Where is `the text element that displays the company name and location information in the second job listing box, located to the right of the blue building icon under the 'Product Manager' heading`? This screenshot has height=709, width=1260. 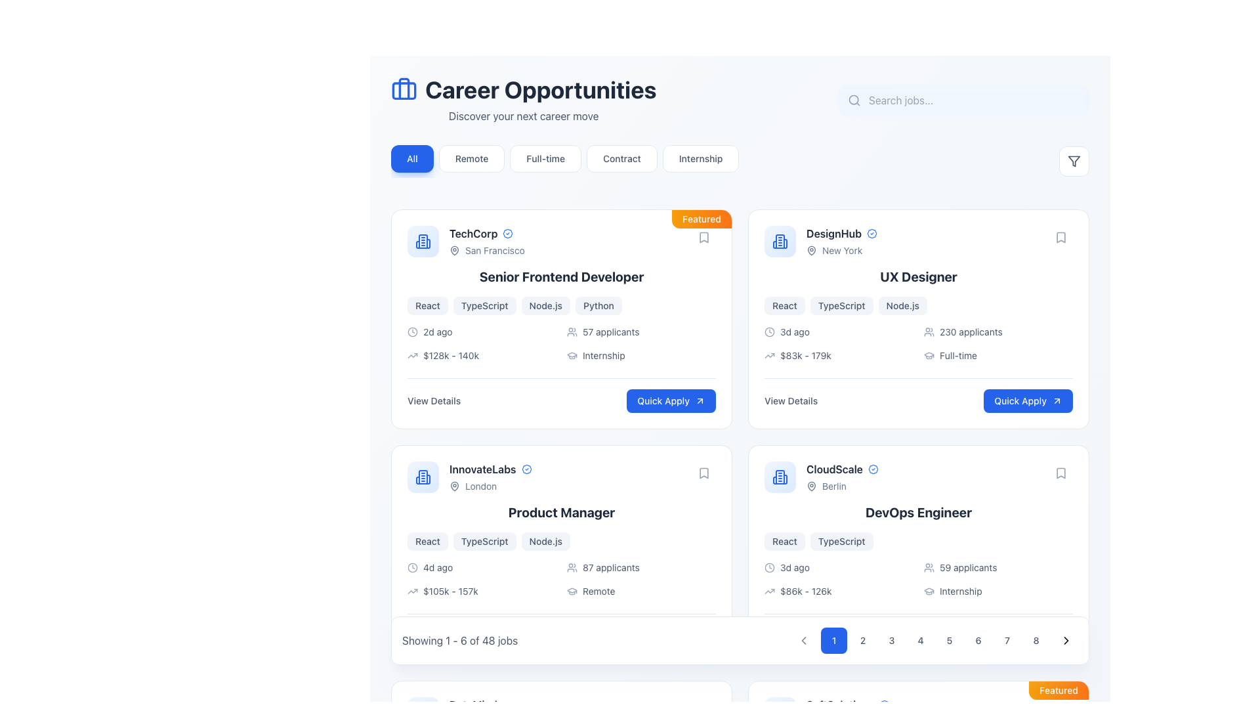
the text element that displays the company name and location information in the second job listing box, located to the right of the blue building icon under the 'Product Manager' heading is located at coordinates (490, 477).